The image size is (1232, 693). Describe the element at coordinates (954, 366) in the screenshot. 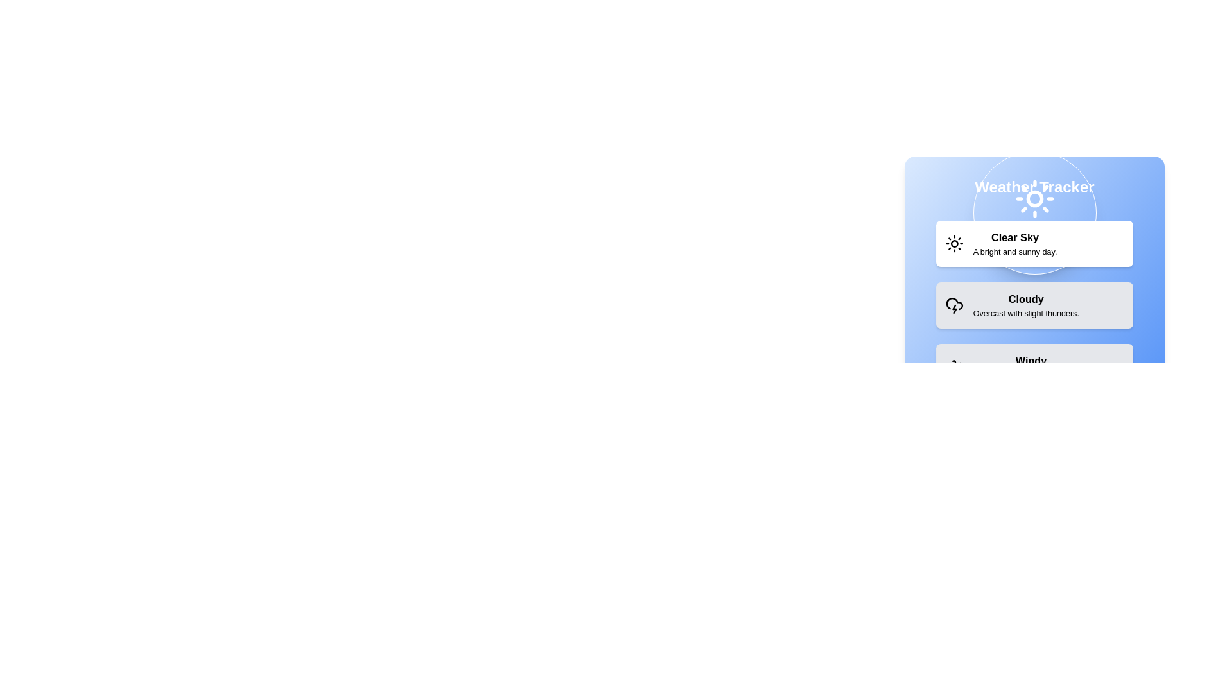

I see `the SVG graphic icon representing windy weather conditions located at the top-left corner of the card with 'Windy' text above it` at that location.